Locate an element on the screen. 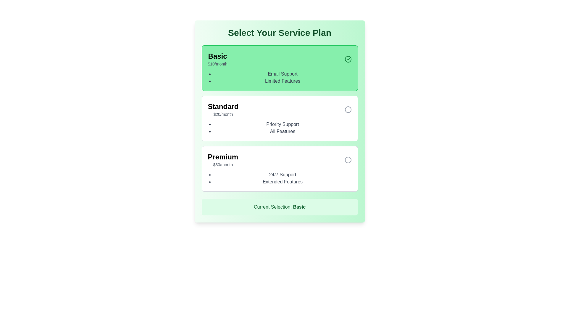 Image resolution: width=568 pixels, height=320 pixels. displayed text of the text section that says 'Current Selection: Basic', which has a light green background and rounded corners is located at coordinates (279, 207).